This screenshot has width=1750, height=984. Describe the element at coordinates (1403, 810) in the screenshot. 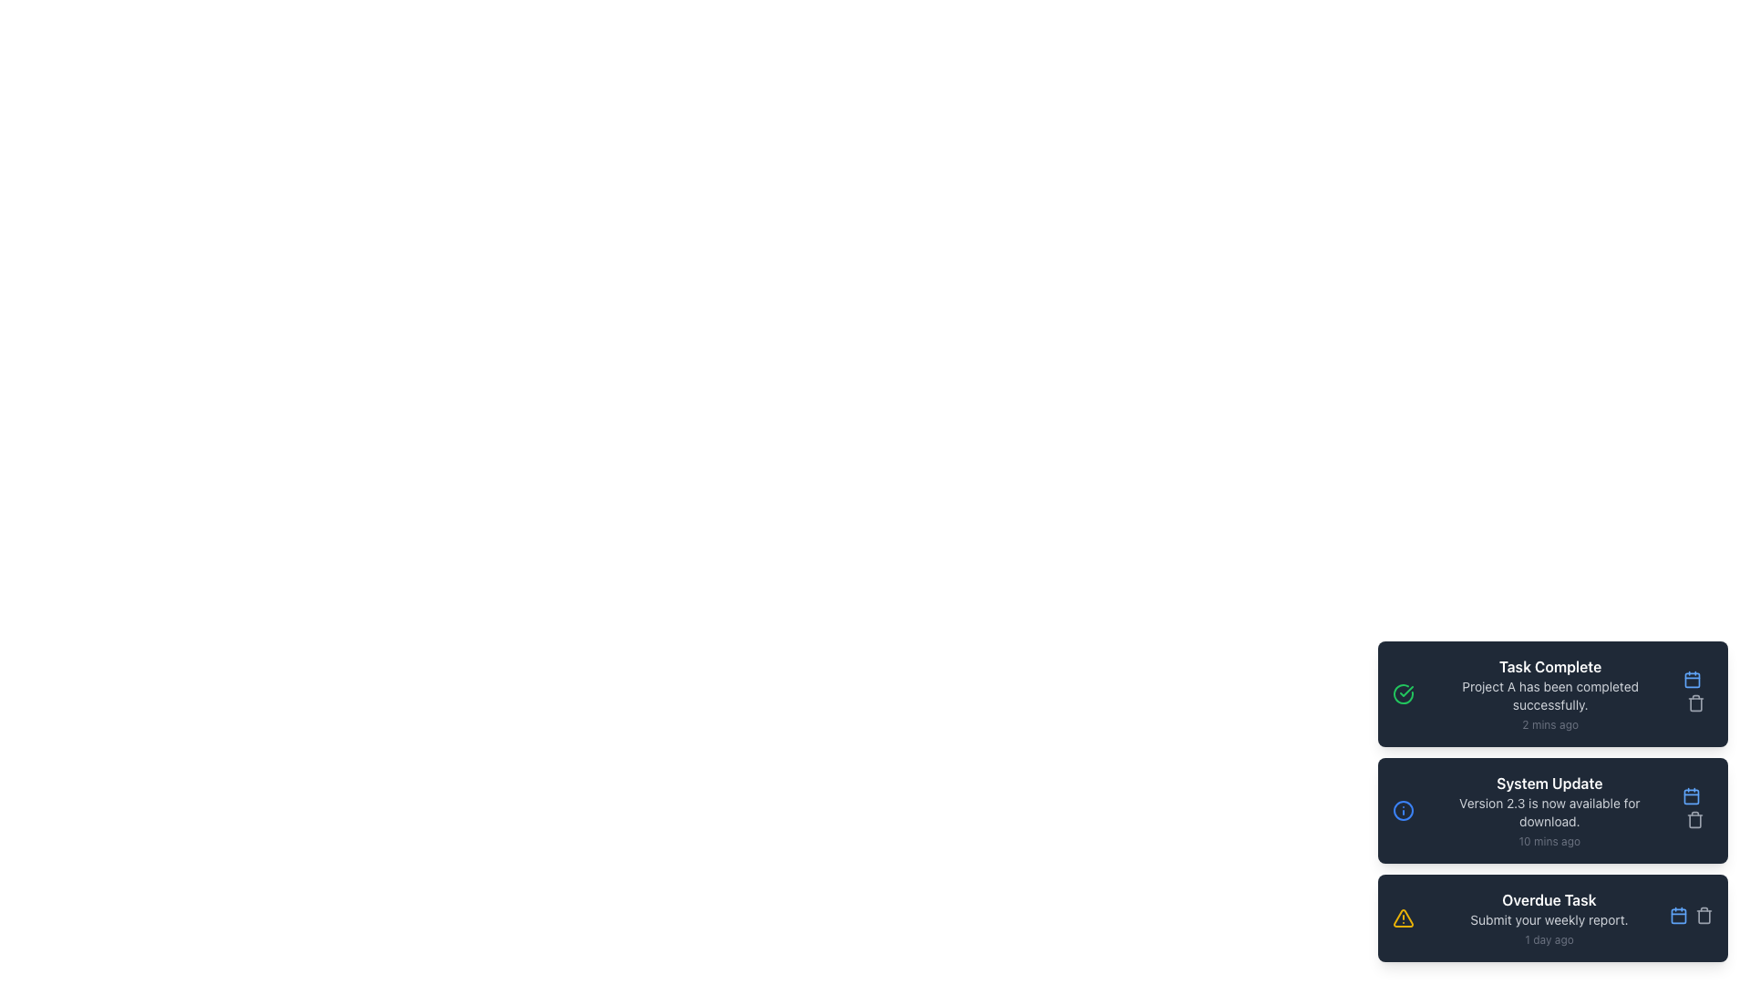

I see `the 'System Update' notification icon, which is located to the left of the notification titled 'System Update' within the notification card` at that location.